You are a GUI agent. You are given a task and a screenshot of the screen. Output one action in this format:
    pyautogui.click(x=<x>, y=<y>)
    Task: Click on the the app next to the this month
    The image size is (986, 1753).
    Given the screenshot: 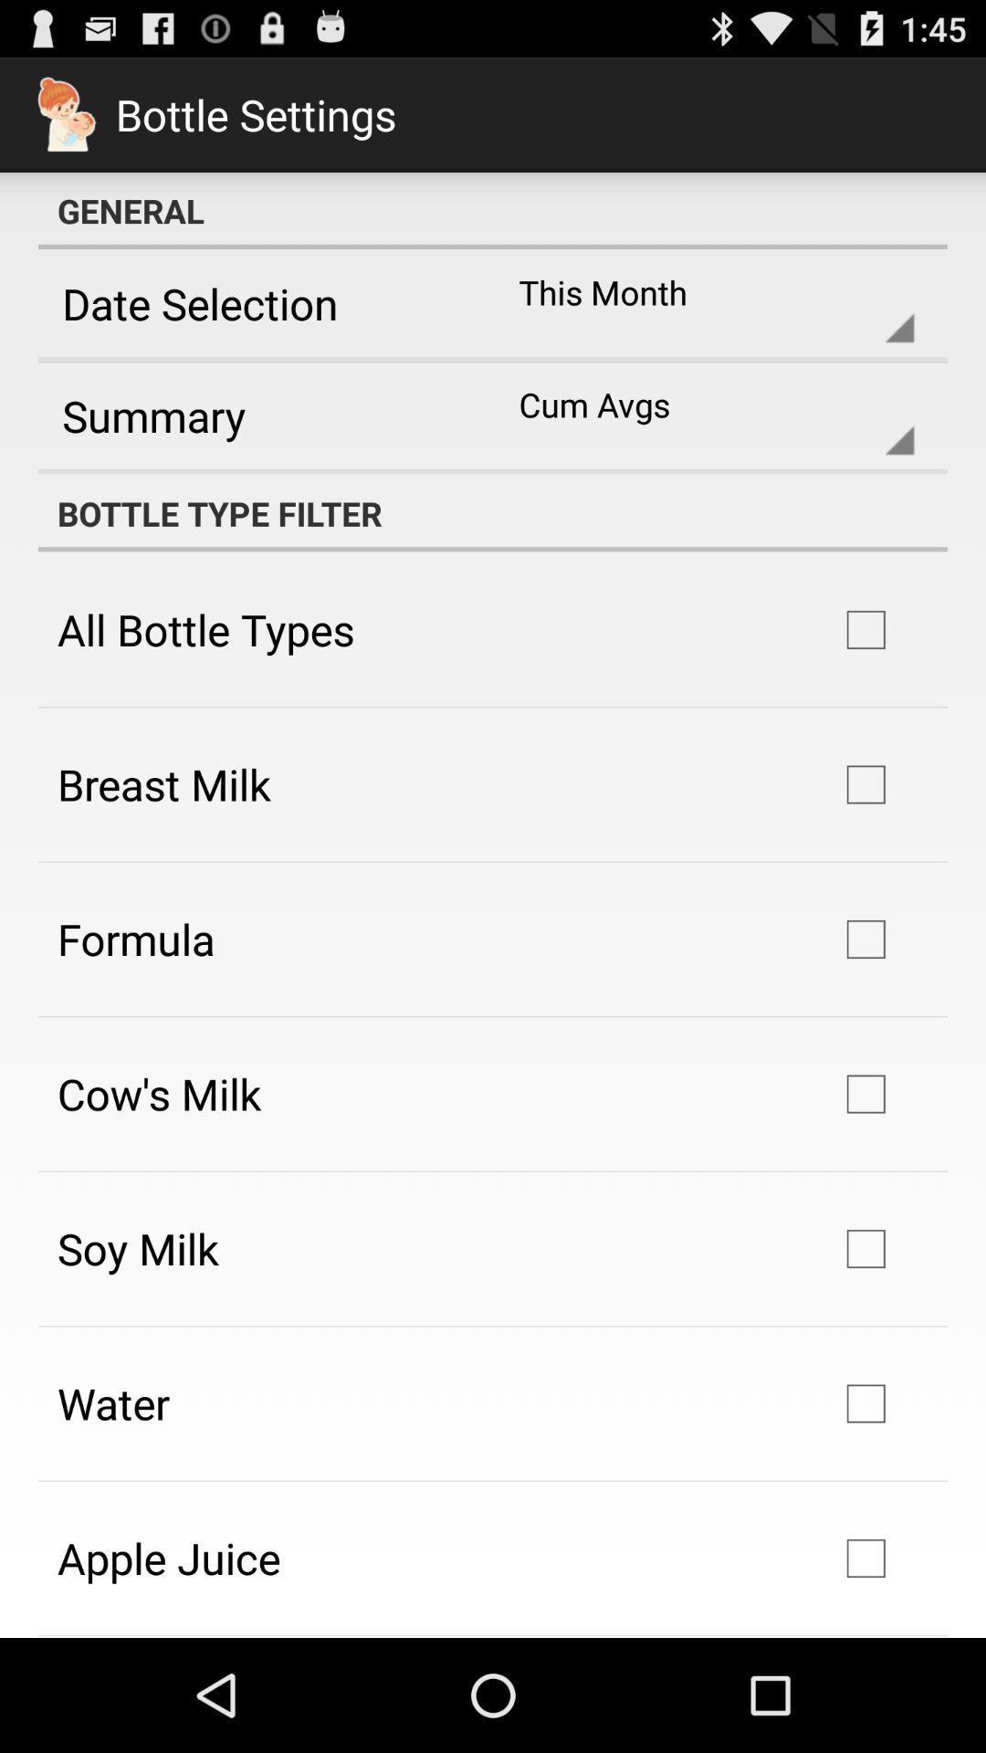 What is the action you would take?
    pyautogui.click(x=259, y=303)
    